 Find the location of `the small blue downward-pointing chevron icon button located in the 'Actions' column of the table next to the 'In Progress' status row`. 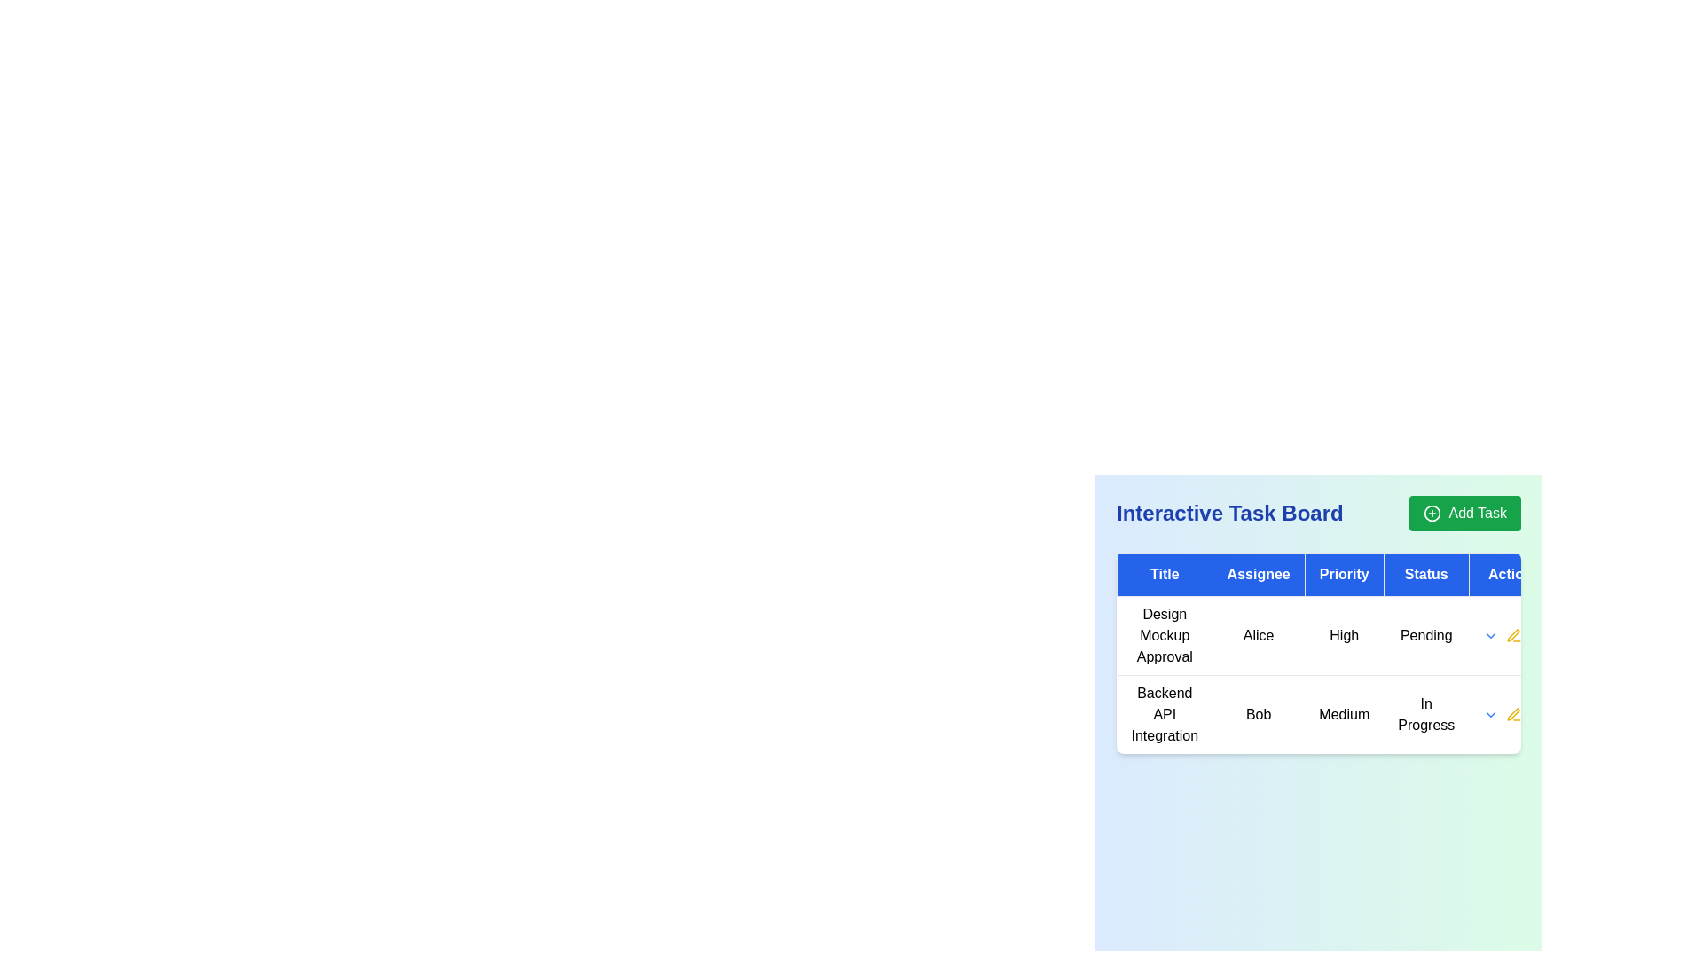

the small blue downward-pointing chevron icon button located in the 'Actions' column of the table next to the 'In Progress' status row is located at coordinates (1490, 714).